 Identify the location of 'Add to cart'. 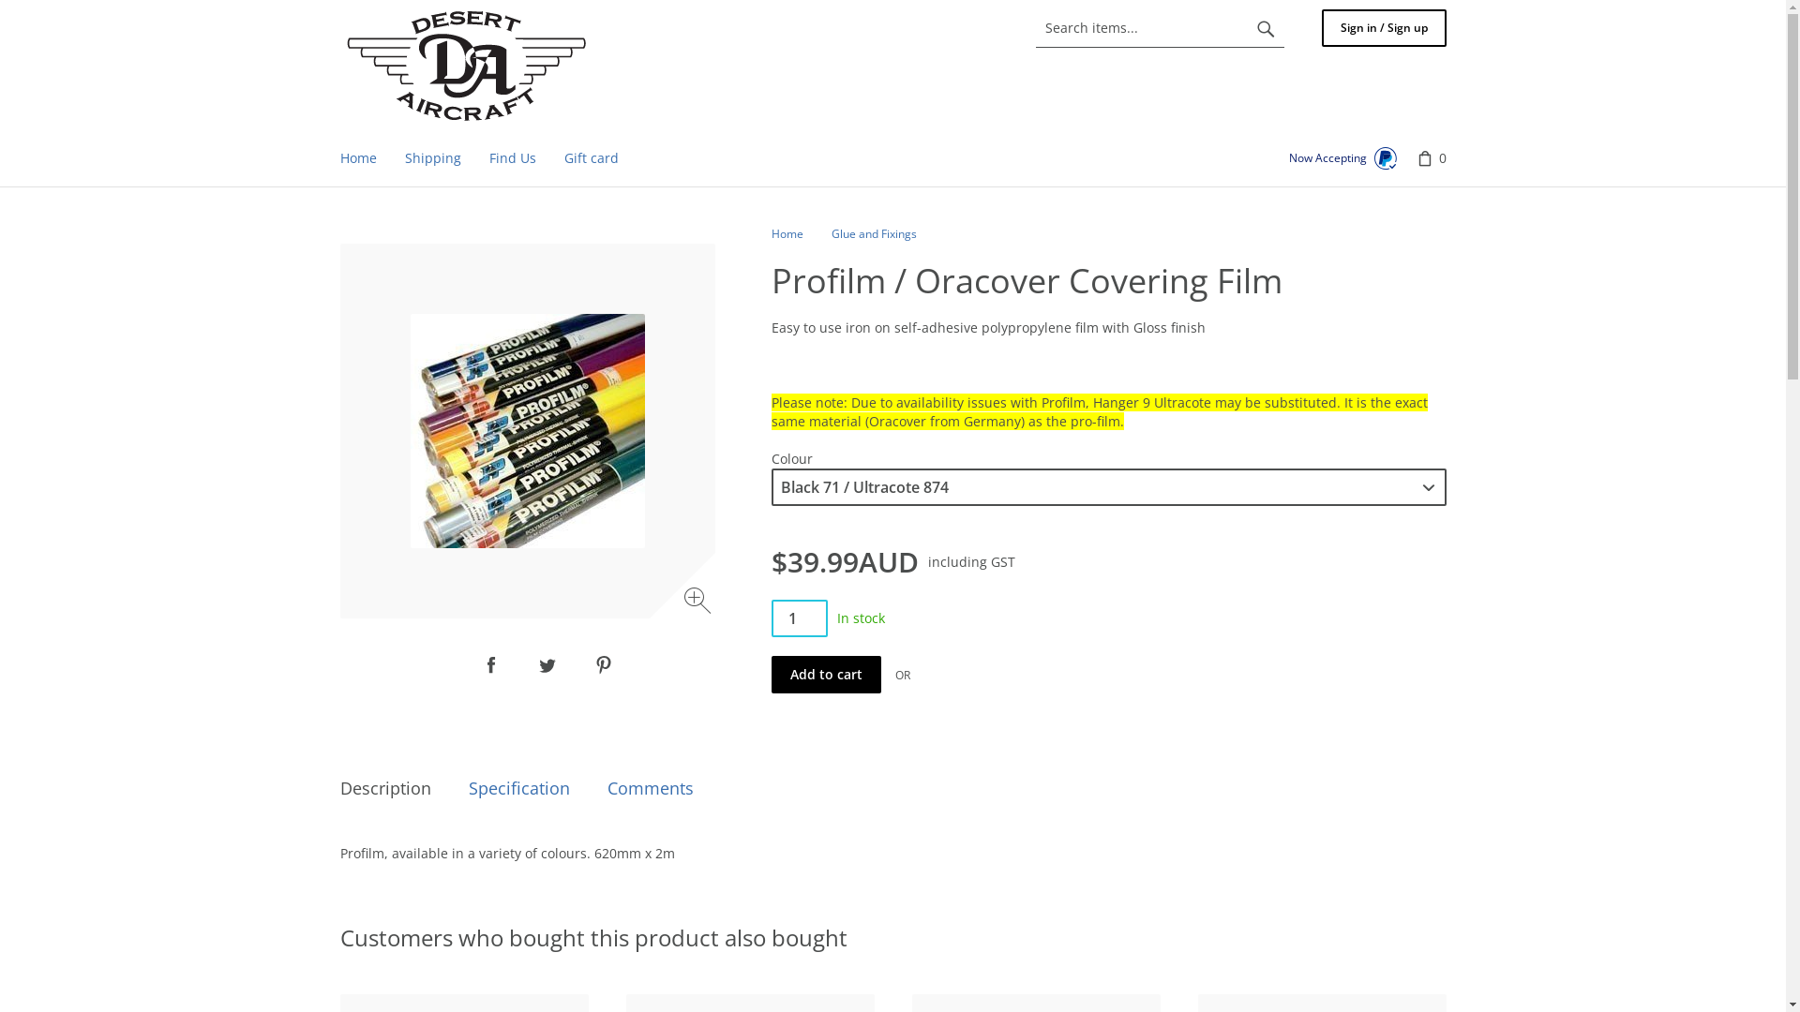
(770, 675).